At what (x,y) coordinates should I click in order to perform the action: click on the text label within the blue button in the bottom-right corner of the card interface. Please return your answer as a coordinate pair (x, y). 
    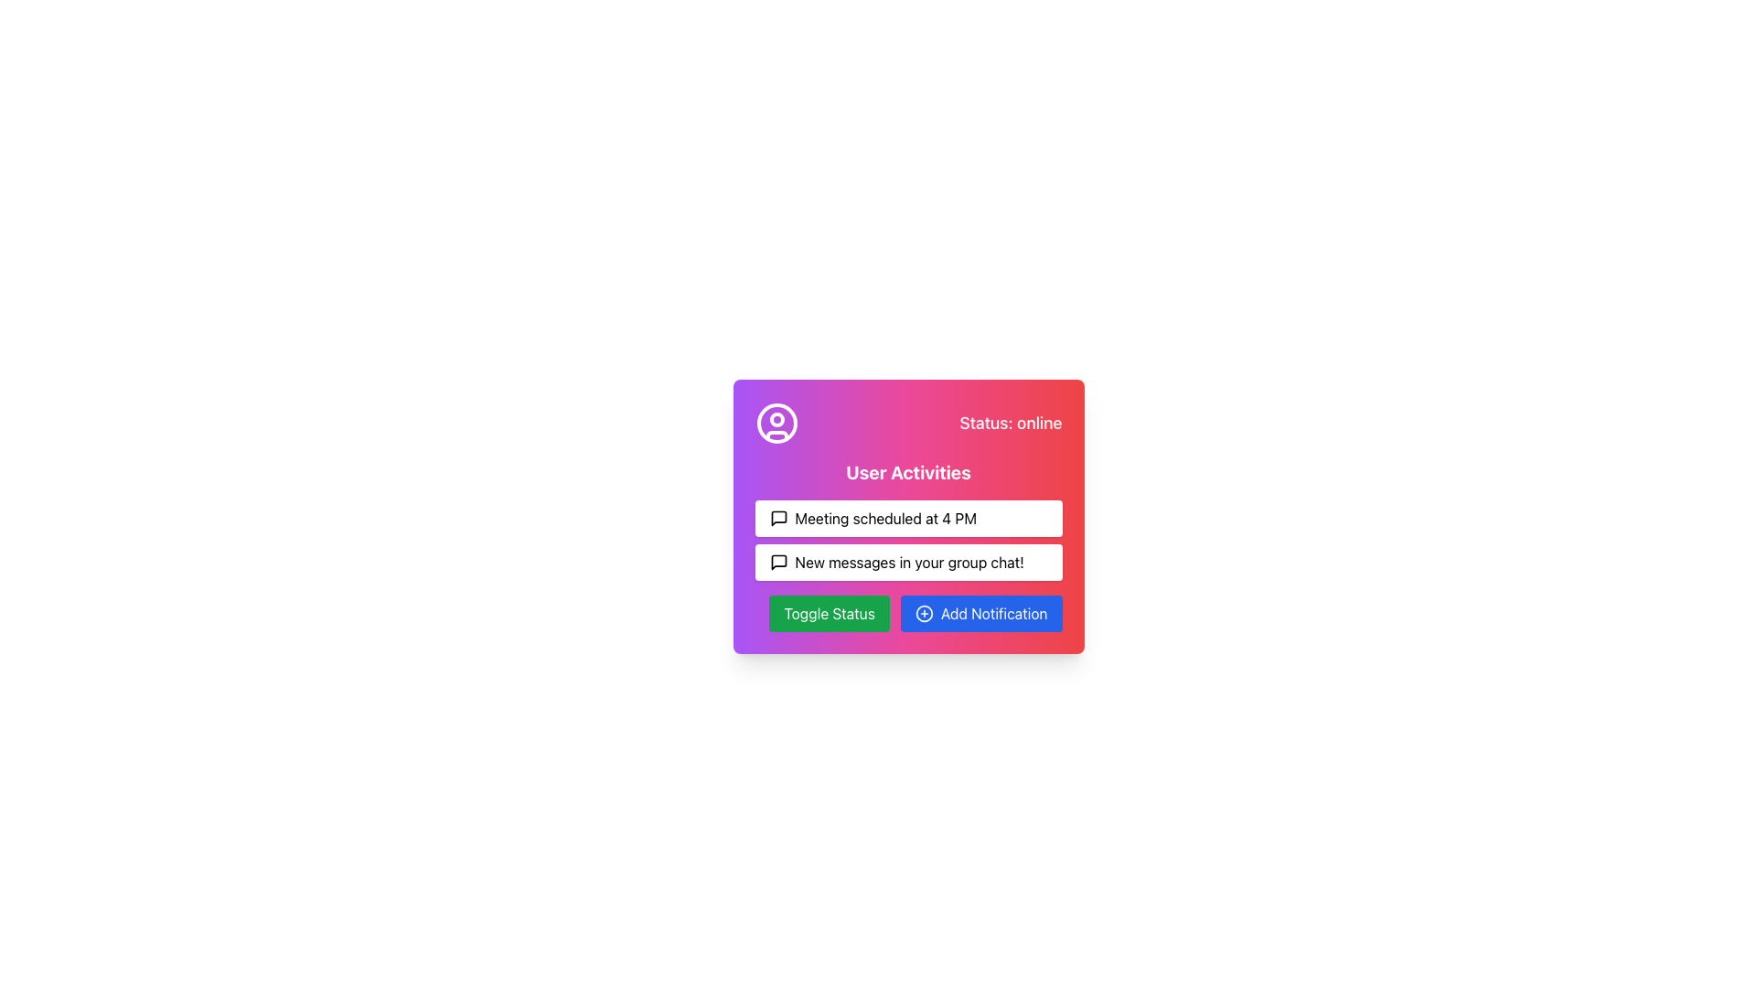
    Looking at the image, I should click on (993, 614).